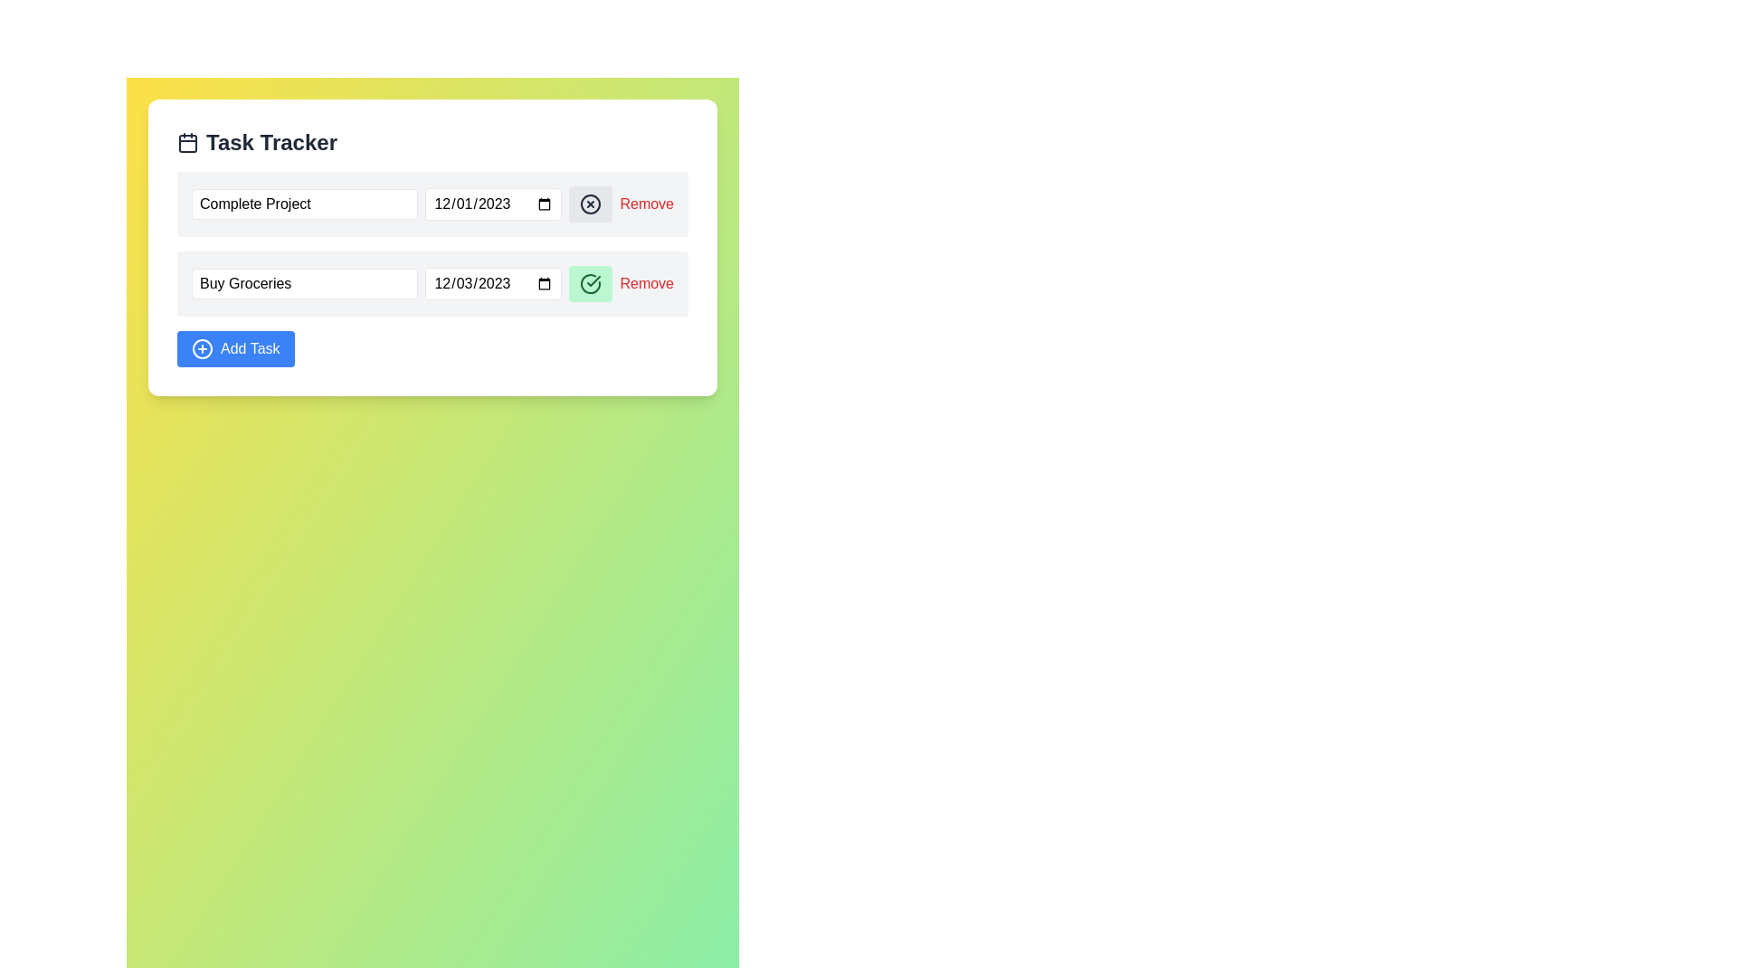 The image size is (1737, 977). Describe the element at coordinates (647, 204) in the screenshot. I see `the remove button located in the topmost task row of the task list, which is aligned to the right end, following the date selection field and a button with an icon, just to the right of a 'Cancel' icon` at that location.